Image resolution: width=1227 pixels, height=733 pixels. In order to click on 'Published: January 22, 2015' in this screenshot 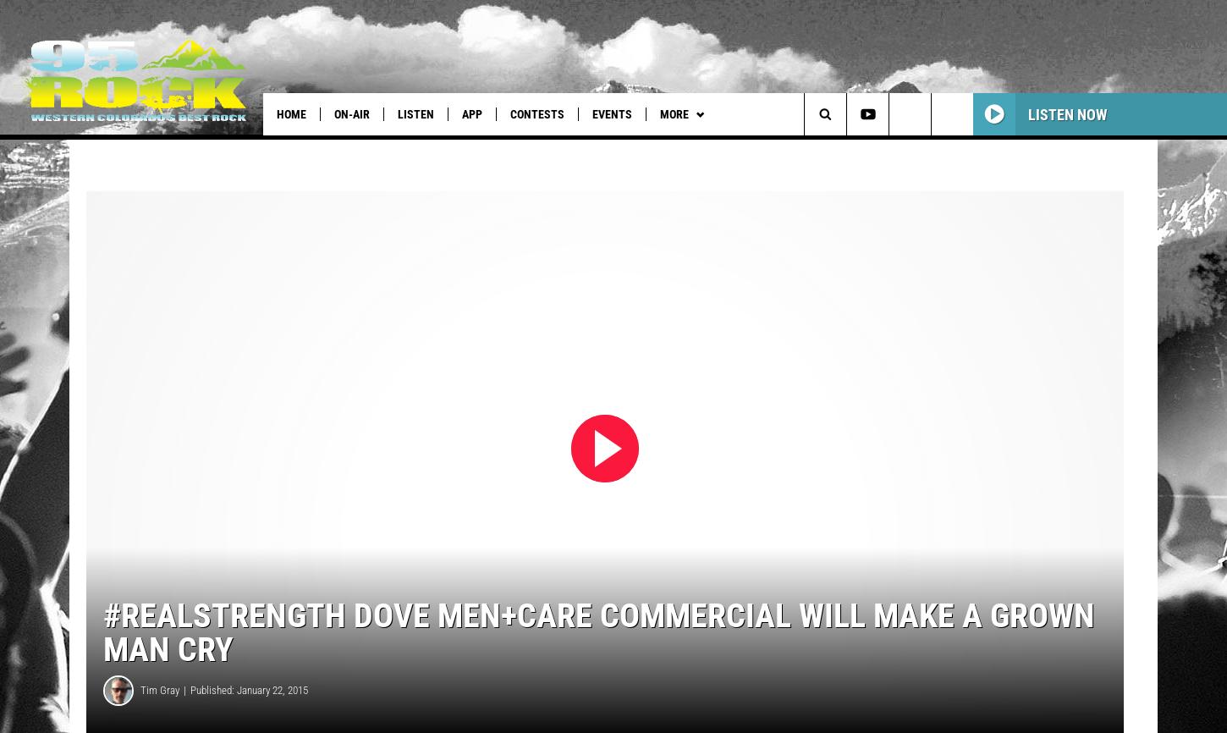, I will do `click(249, 712)`.